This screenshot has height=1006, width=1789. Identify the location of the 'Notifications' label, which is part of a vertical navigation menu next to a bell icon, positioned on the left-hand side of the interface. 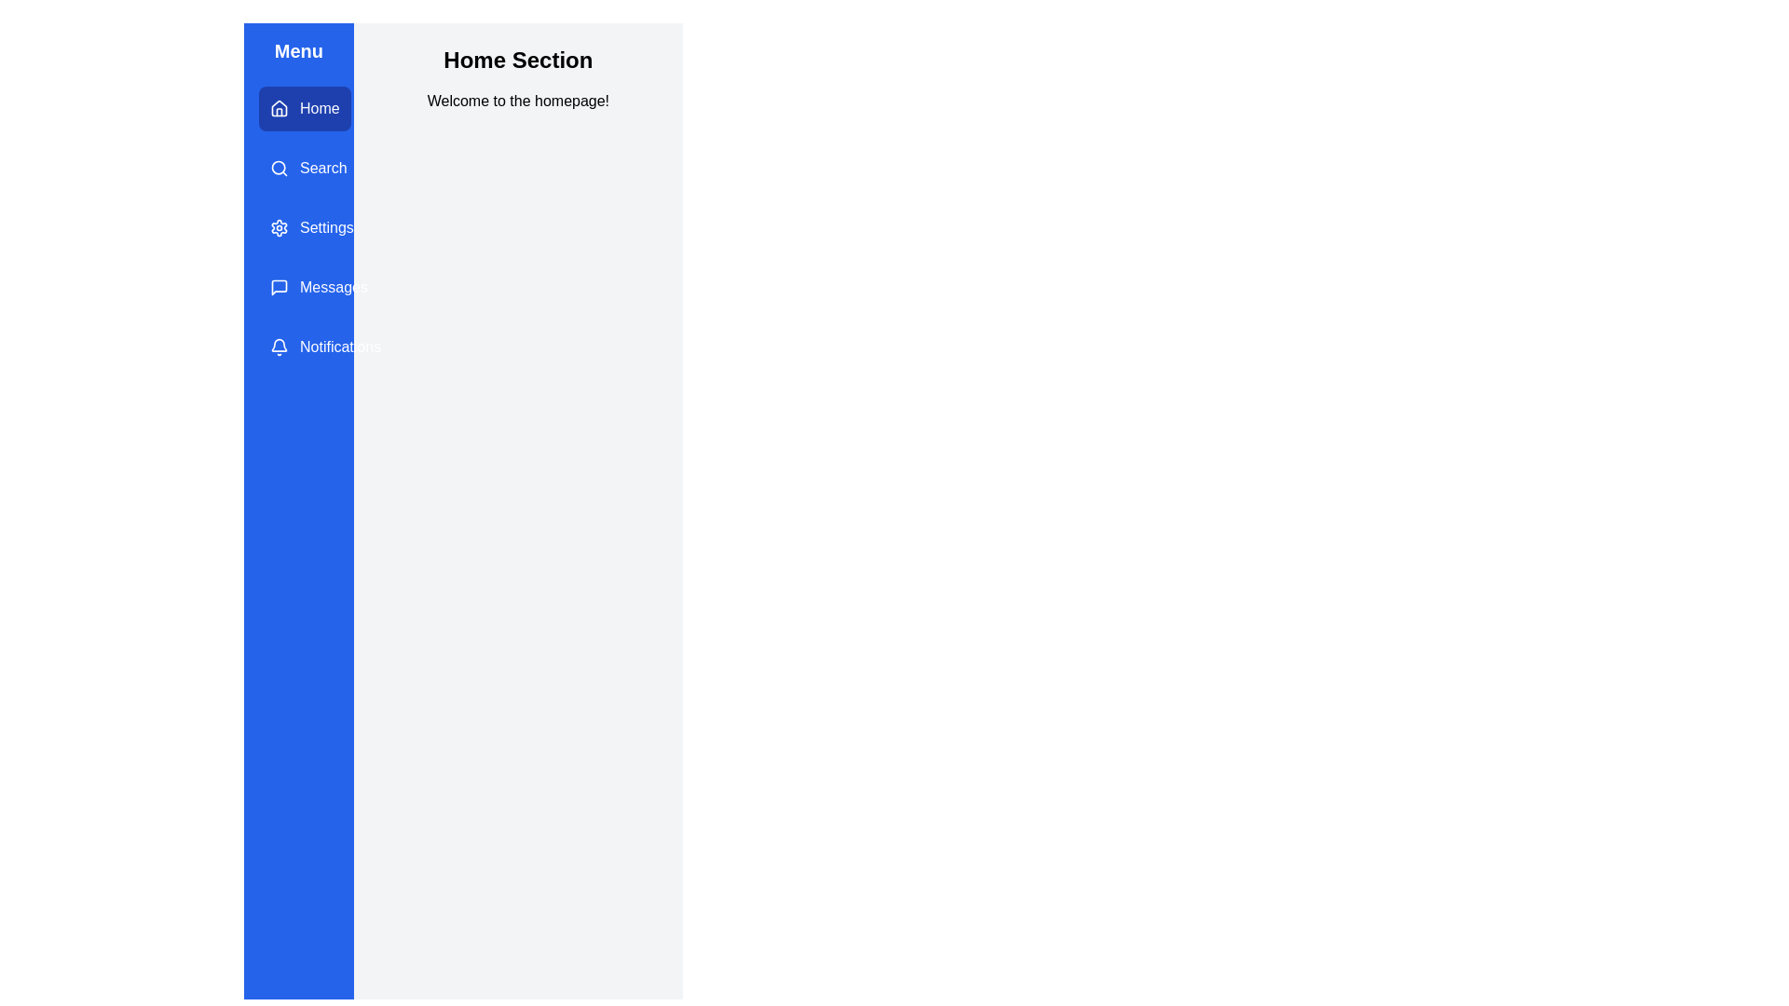
(340, 347).